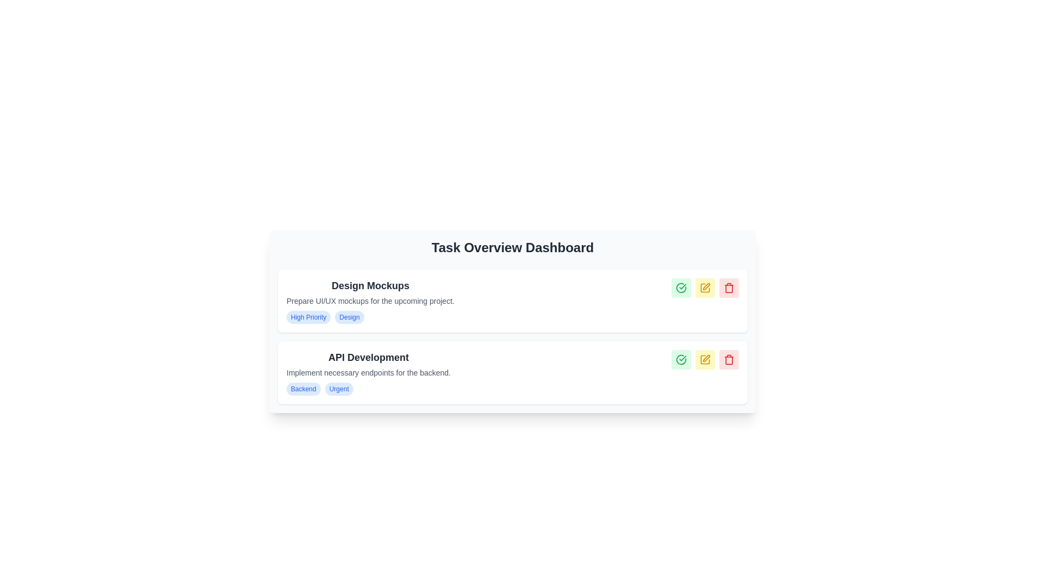  I want to click on the edit button located in the second task card under the 'API Development' section to initiate an editing action, so click(706, 358).